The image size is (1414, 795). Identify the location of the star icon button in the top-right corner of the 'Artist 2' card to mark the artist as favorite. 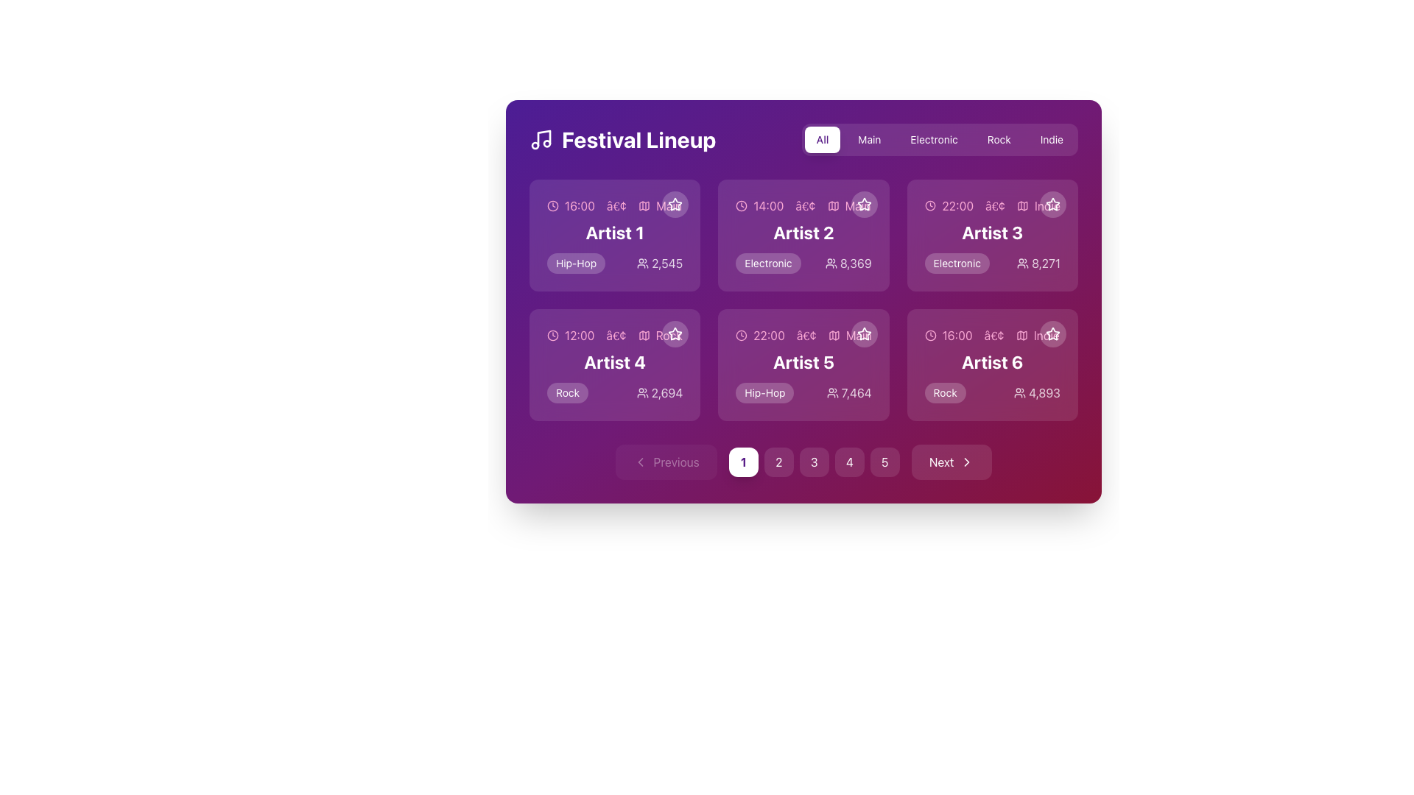
(864, 204).